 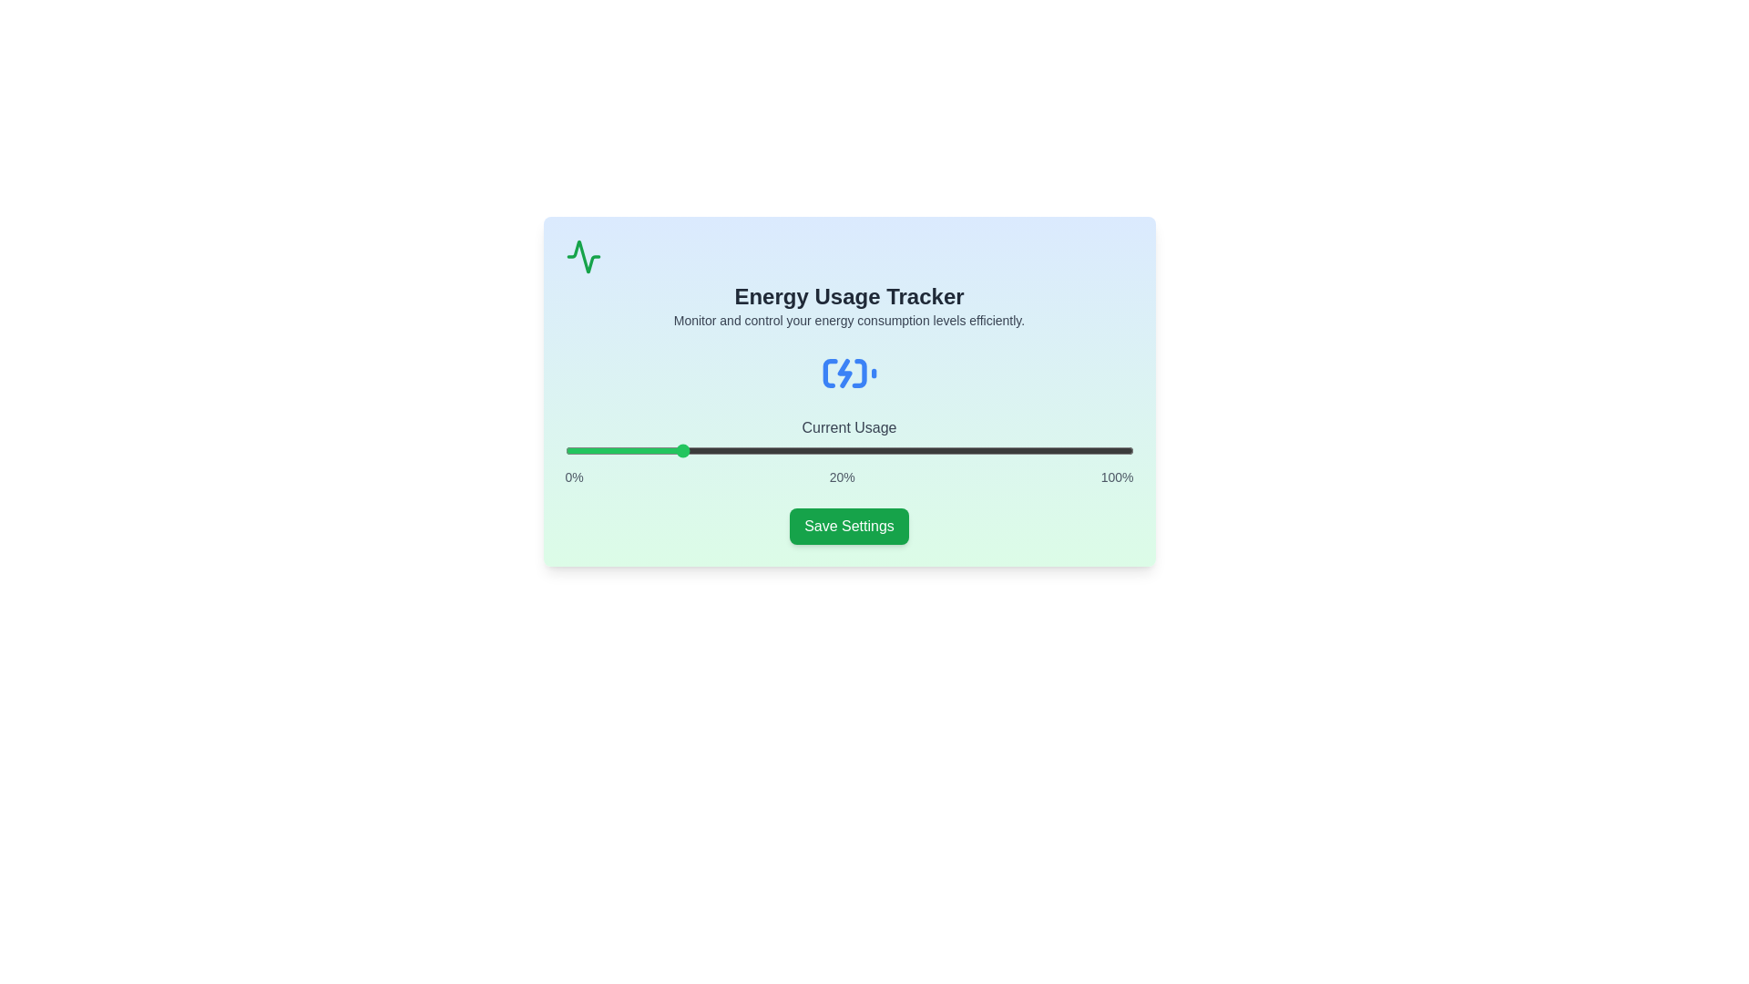 What do you see at coordinates (923, 450) in the screenshot?
I see `the energy usage slider to 63%` at bounding box center [923, 450].